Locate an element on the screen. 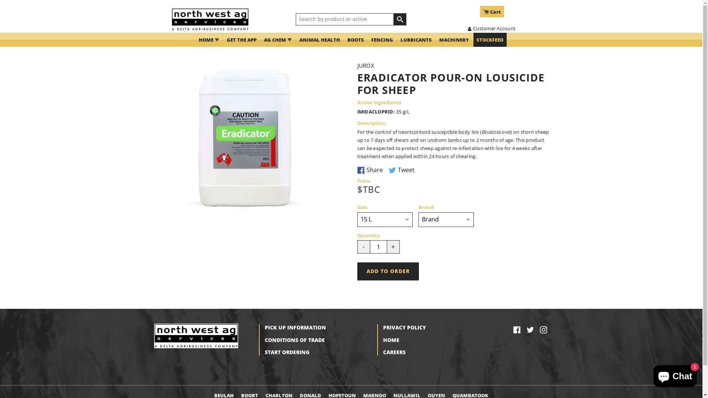 This screenshot has width=708, height=398. 'Cart' is located at coordinates (492, 11).